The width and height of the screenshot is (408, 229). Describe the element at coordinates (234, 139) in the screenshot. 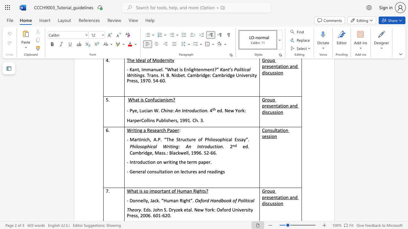

I see `the subset text "Es" within the text "Martinich, A.P. “The Structure of Philosophical Essay”."` at that location.